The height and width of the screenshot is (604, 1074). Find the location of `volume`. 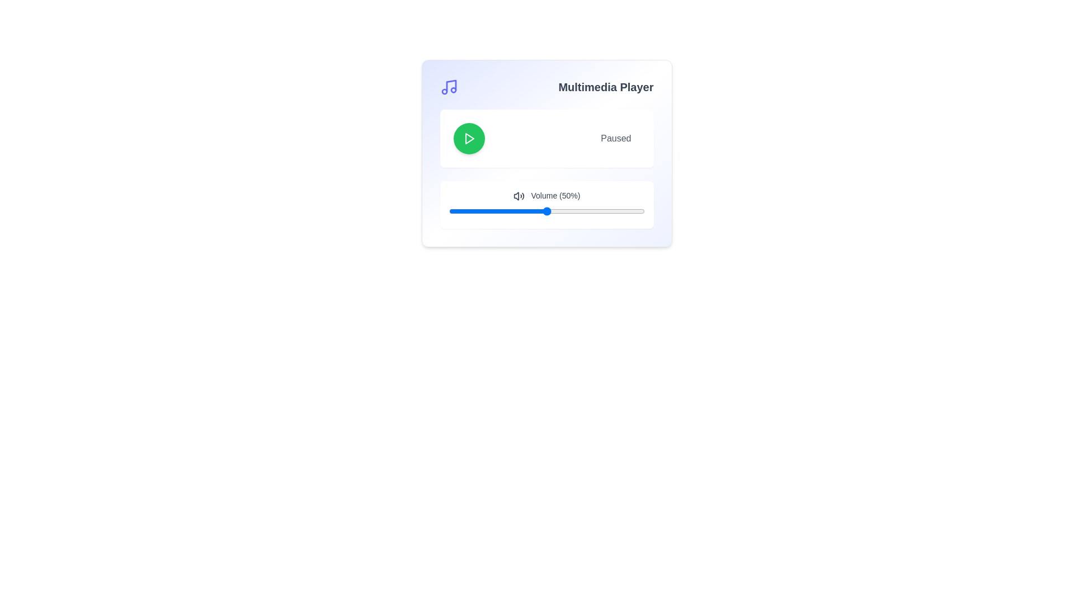

volume is located at coordinates (511, 211).